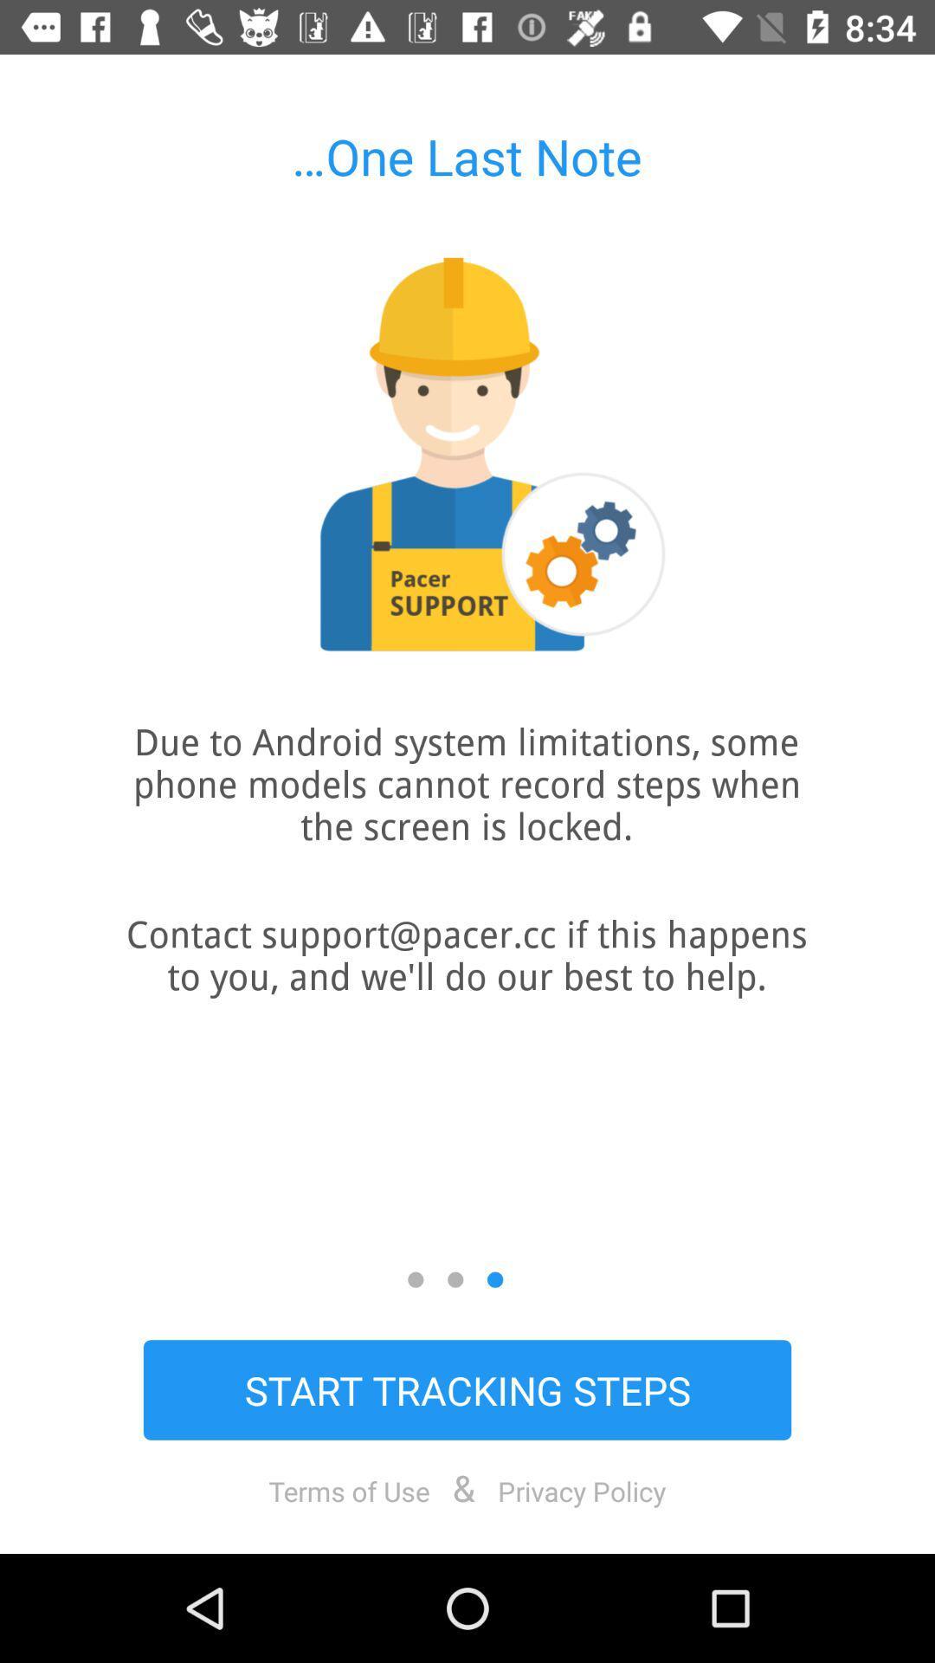 The height and width of the screenshot is (1663, 935). Describe the element at coordinates (582, 1490) in the screenshot. I see `icon to the right of the & icon` at that location.